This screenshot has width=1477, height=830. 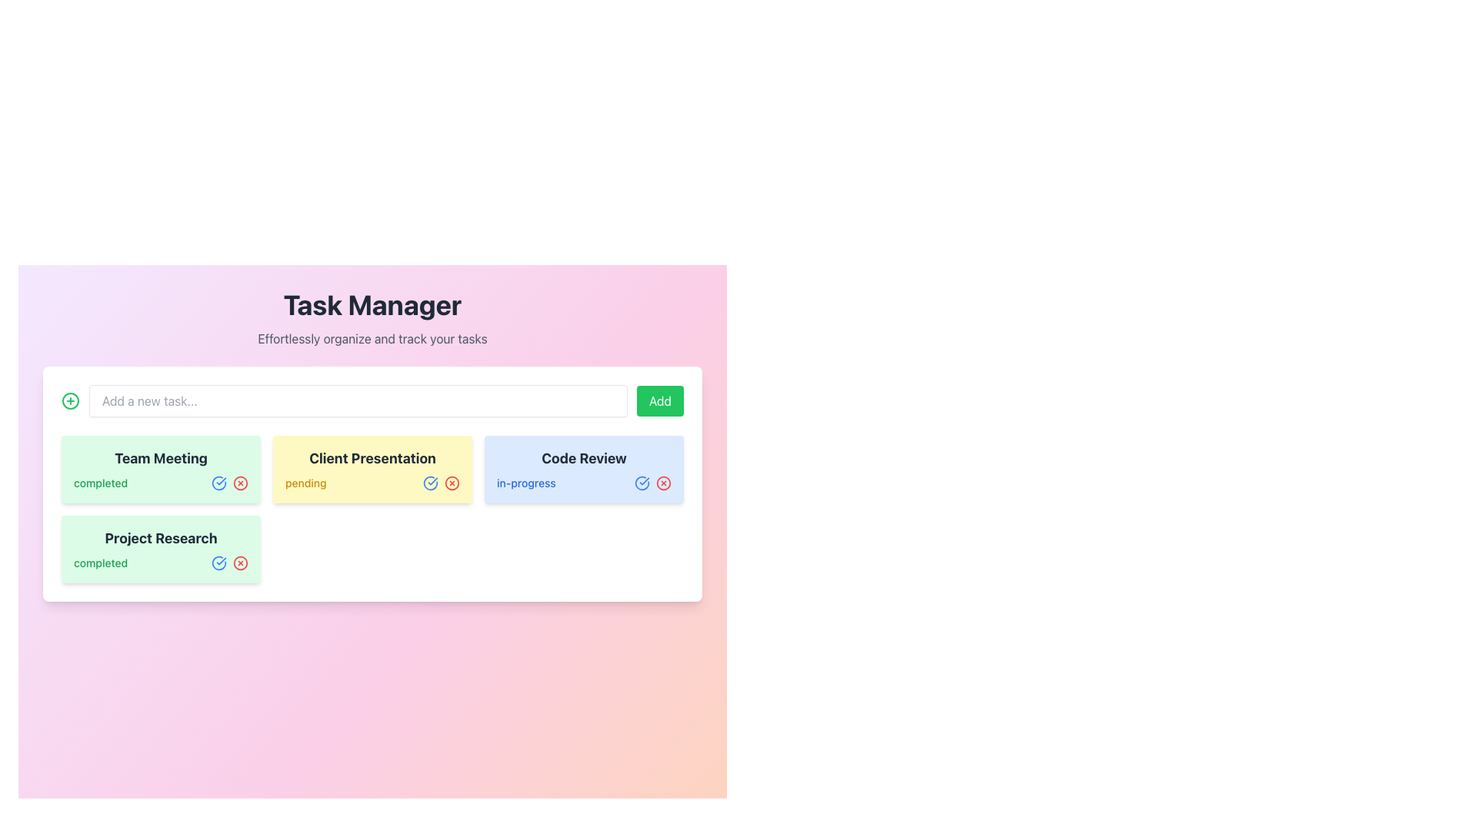 What do you see at coordinates (664, 482) in the screenshot?
I see `the delete button located` at bounding box center [664, 482].